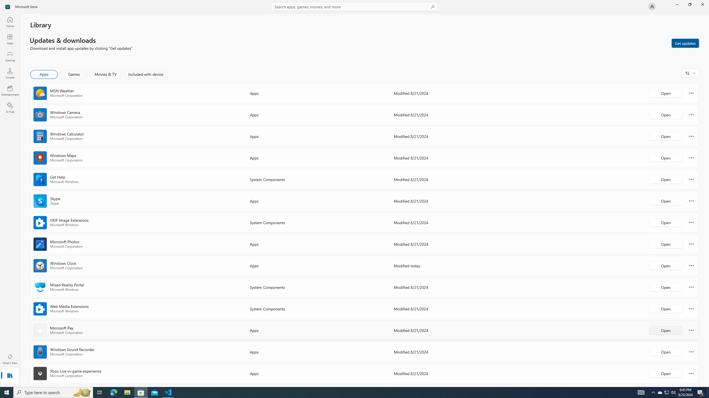  What do you see at coordinates (9, 39) in the screenshot?
I see `'Apps'` at bounding box center [9, 39].